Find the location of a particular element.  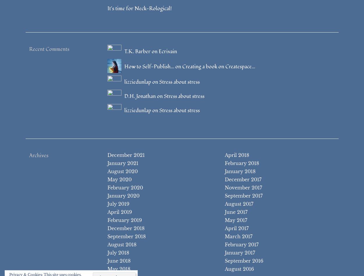

'March 2017' is located at coordinates (225, 236).